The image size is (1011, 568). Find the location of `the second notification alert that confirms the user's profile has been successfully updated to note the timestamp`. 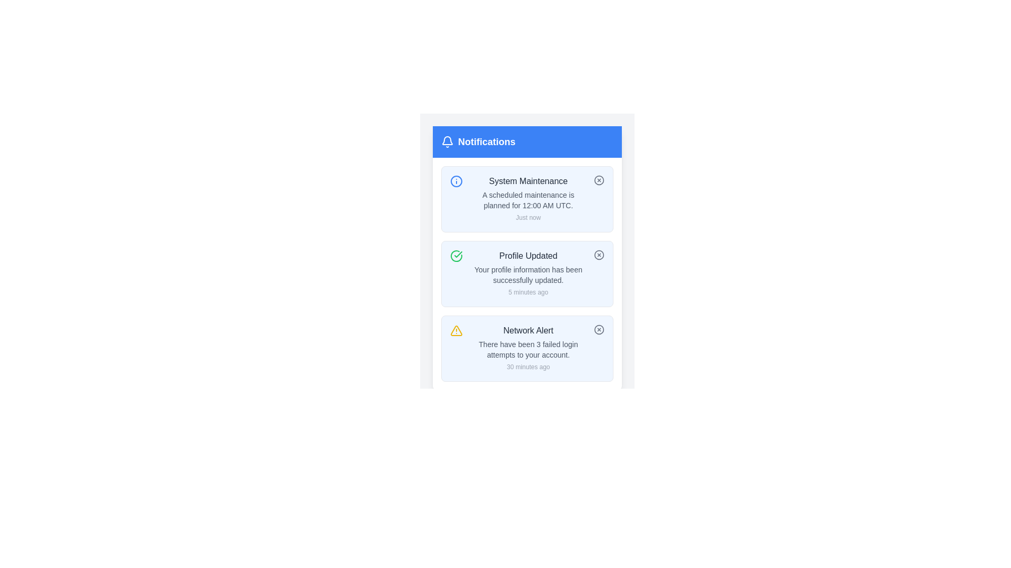

the second notification alert that confirms the user's profile has been successfully updated to note the timestamp is located at coordinates (528, 273).